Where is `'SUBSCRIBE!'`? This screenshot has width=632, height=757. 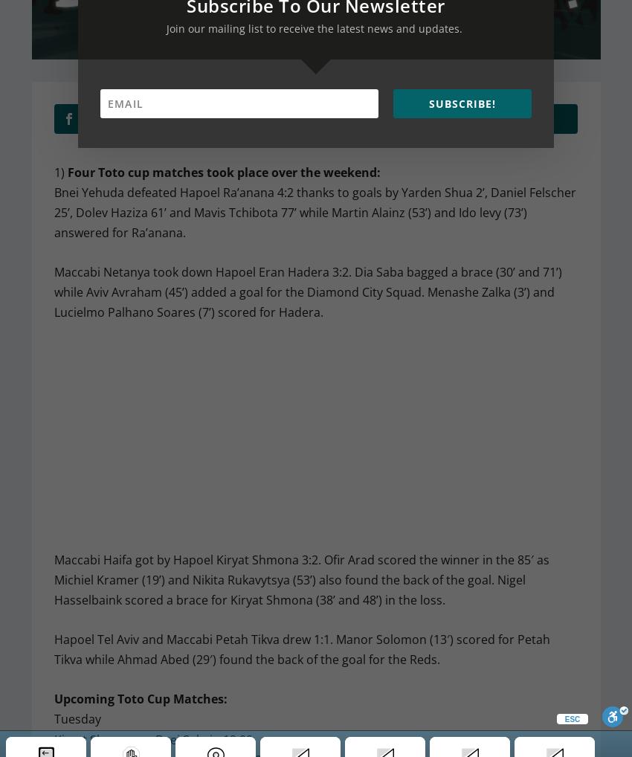 'SUBSCRIBE!' is located at coordinates (462, 103).